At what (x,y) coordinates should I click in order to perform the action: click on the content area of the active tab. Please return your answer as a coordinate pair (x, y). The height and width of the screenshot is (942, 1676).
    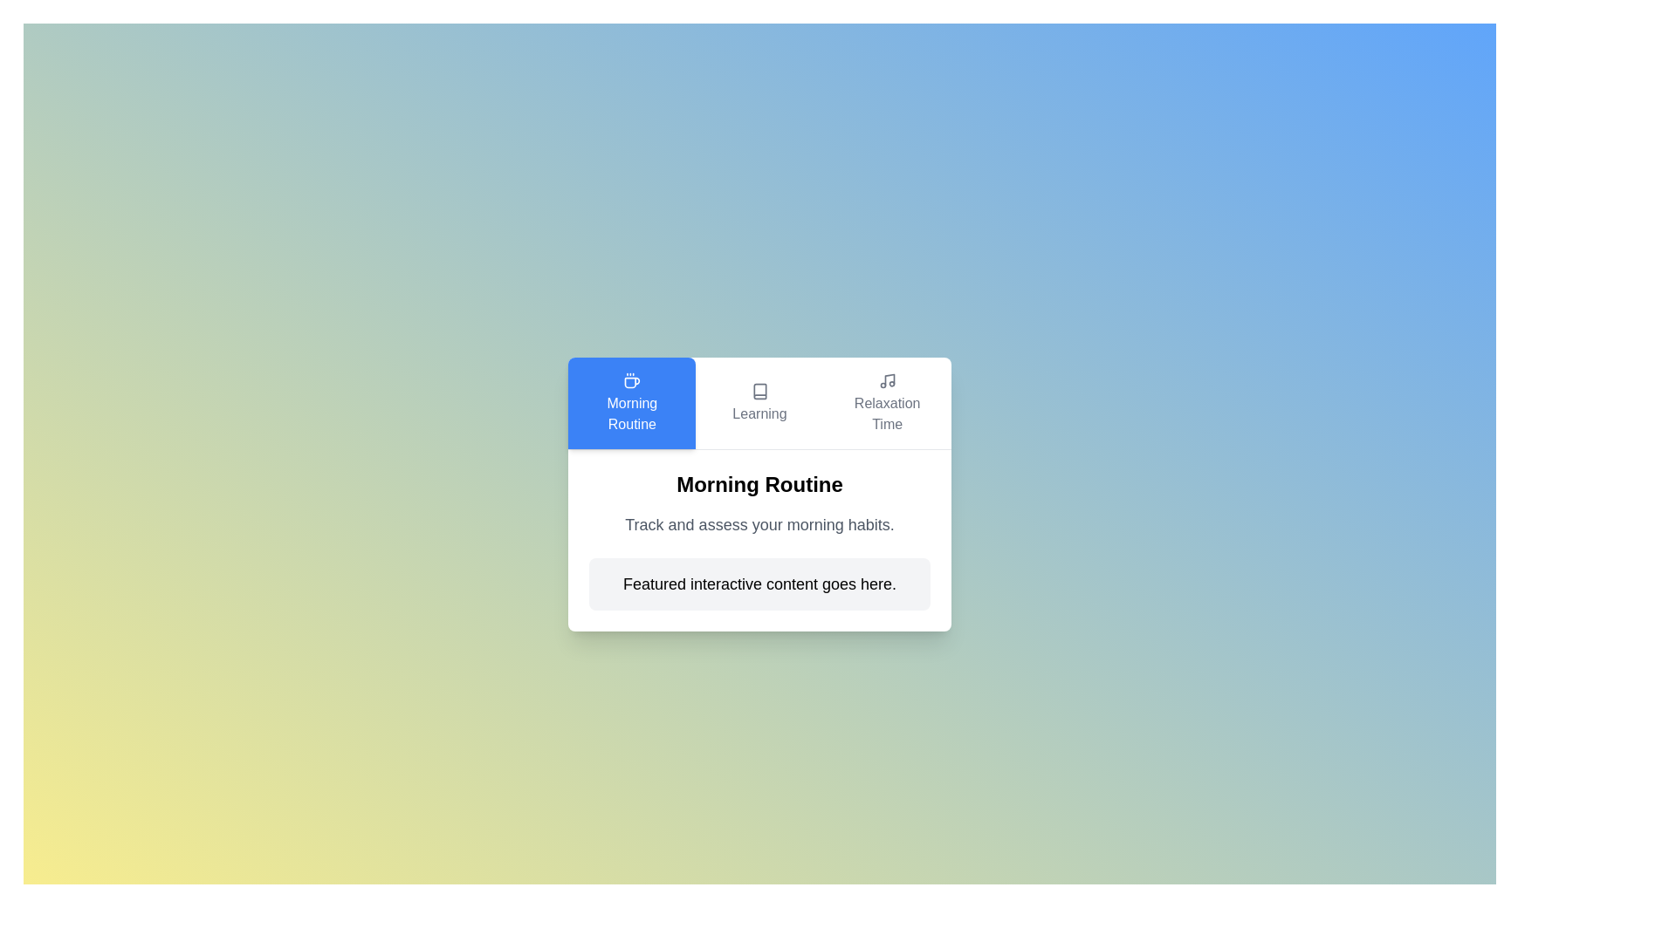
    Looking at the image, I should click on (759, 539).